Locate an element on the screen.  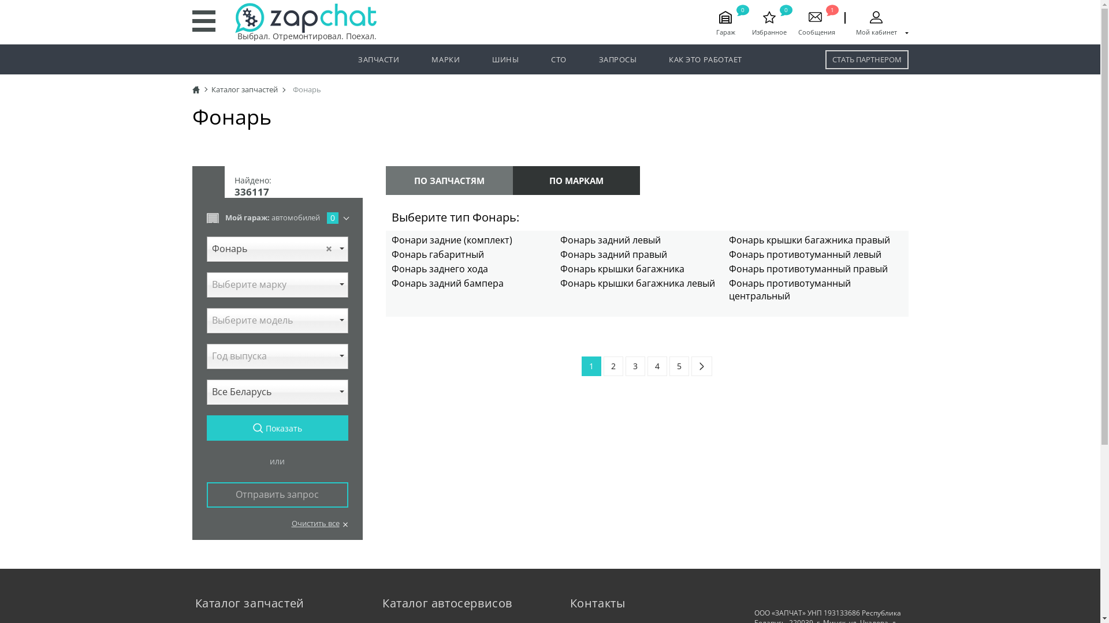
'5' is located at coordinates (679, 366).